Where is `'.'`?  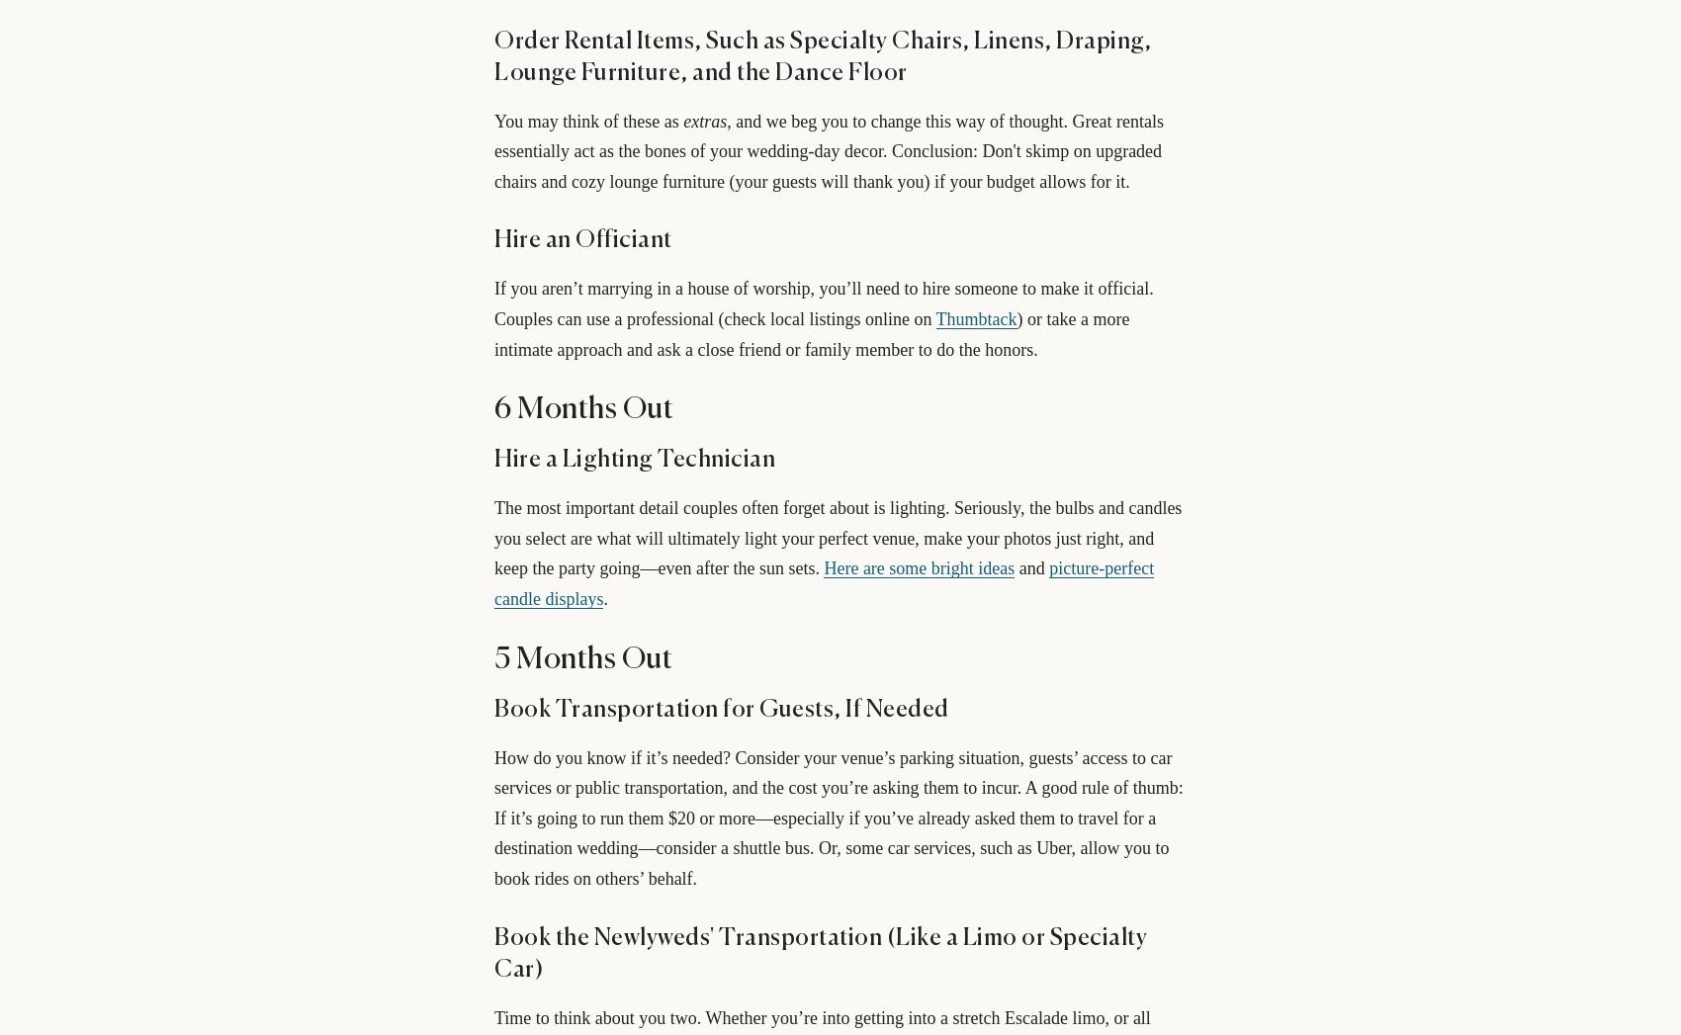 '.' is located at coordinates (601, 598).